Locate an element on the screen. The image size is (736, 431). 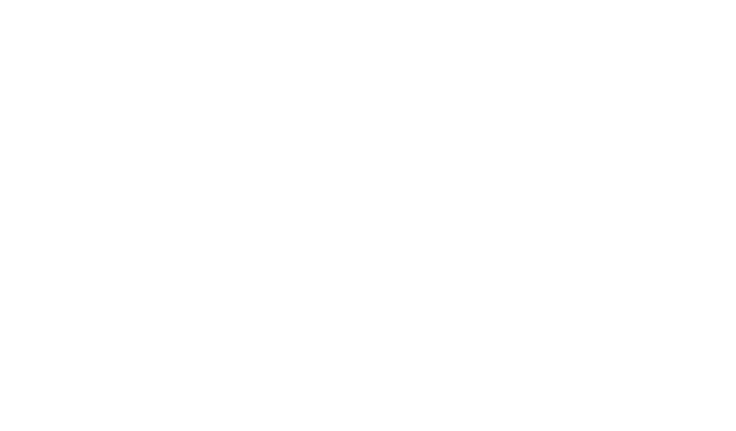
'Welding' is located at coordinates (290, 320).